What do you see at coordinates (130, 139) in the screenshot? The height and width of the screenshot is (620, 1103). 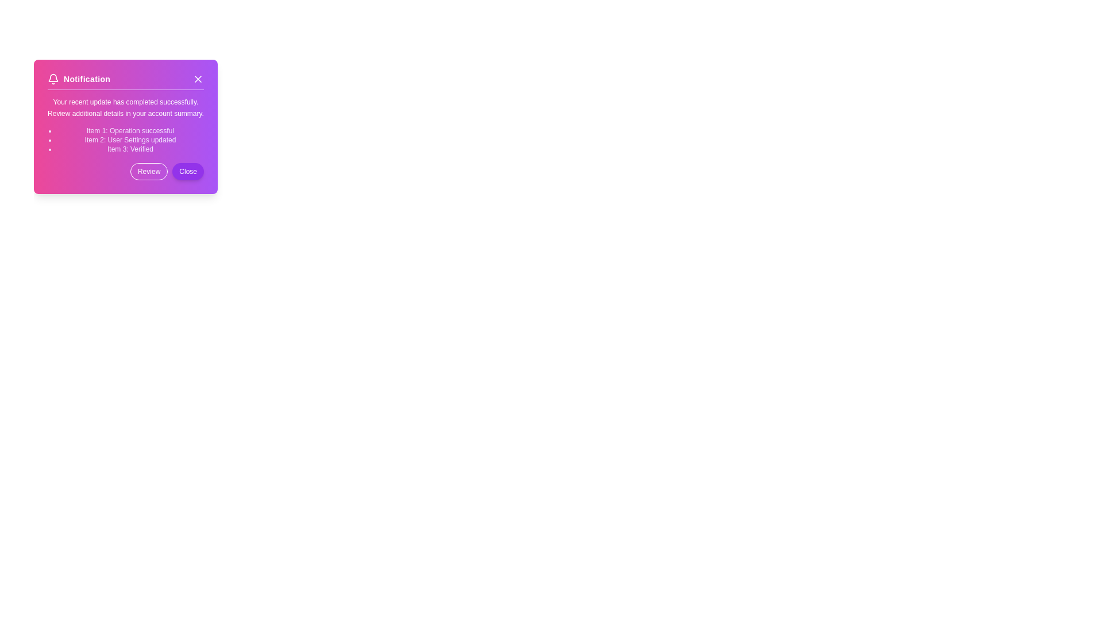 I see `text element that provides a log message indicating user settings have been updated, located in the notification panel between 'Item 1: Operation successful' and 'Item 3: Verified'` at bounding box center [130, 139].